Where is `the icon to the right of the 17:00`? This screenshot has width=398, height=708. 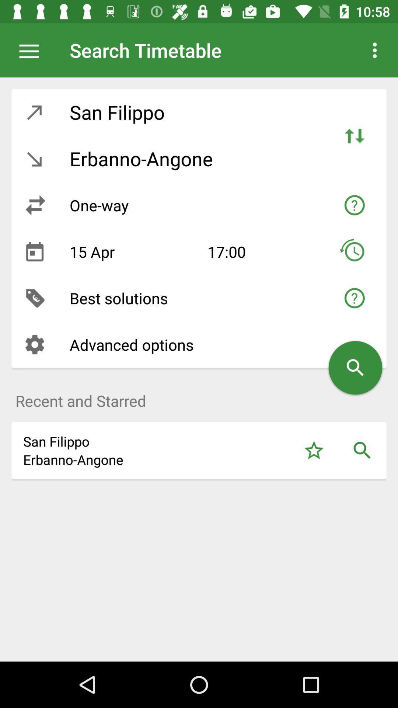 the icon to the right of the 17:00 is located at coordinates (354, 251).